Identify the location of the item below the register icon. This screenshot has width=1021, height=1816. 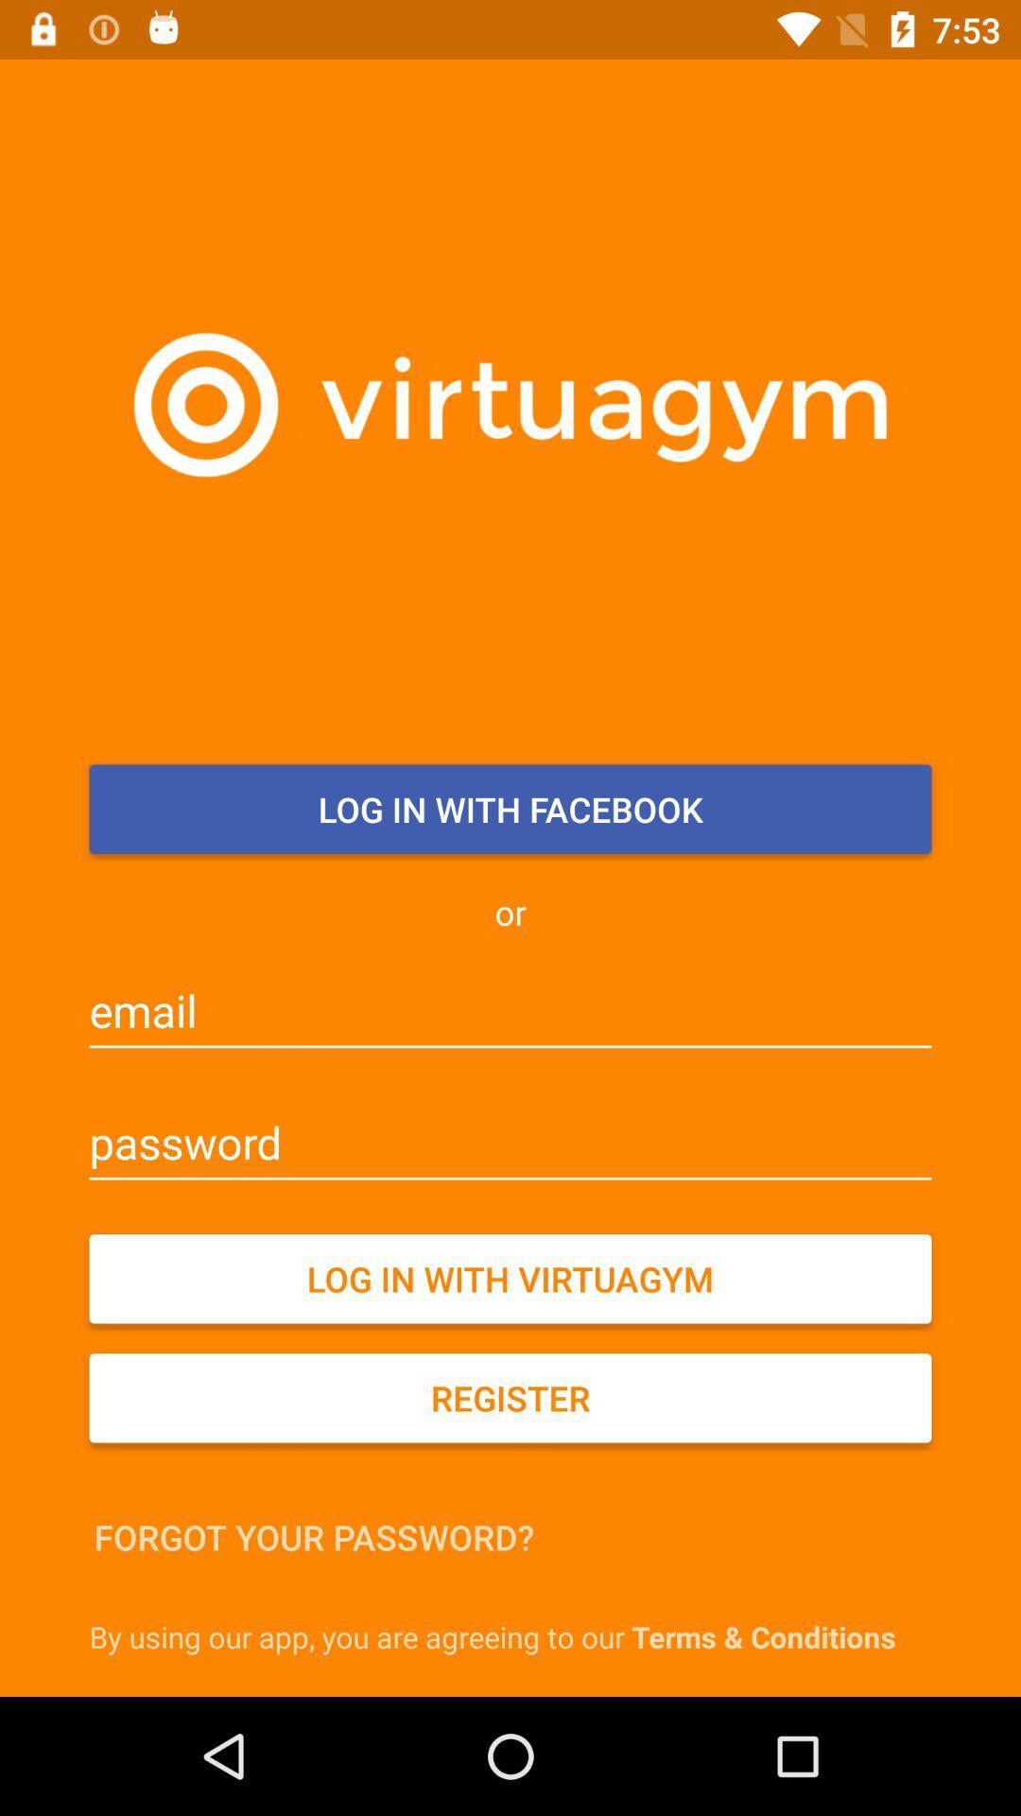
(313, 1537).